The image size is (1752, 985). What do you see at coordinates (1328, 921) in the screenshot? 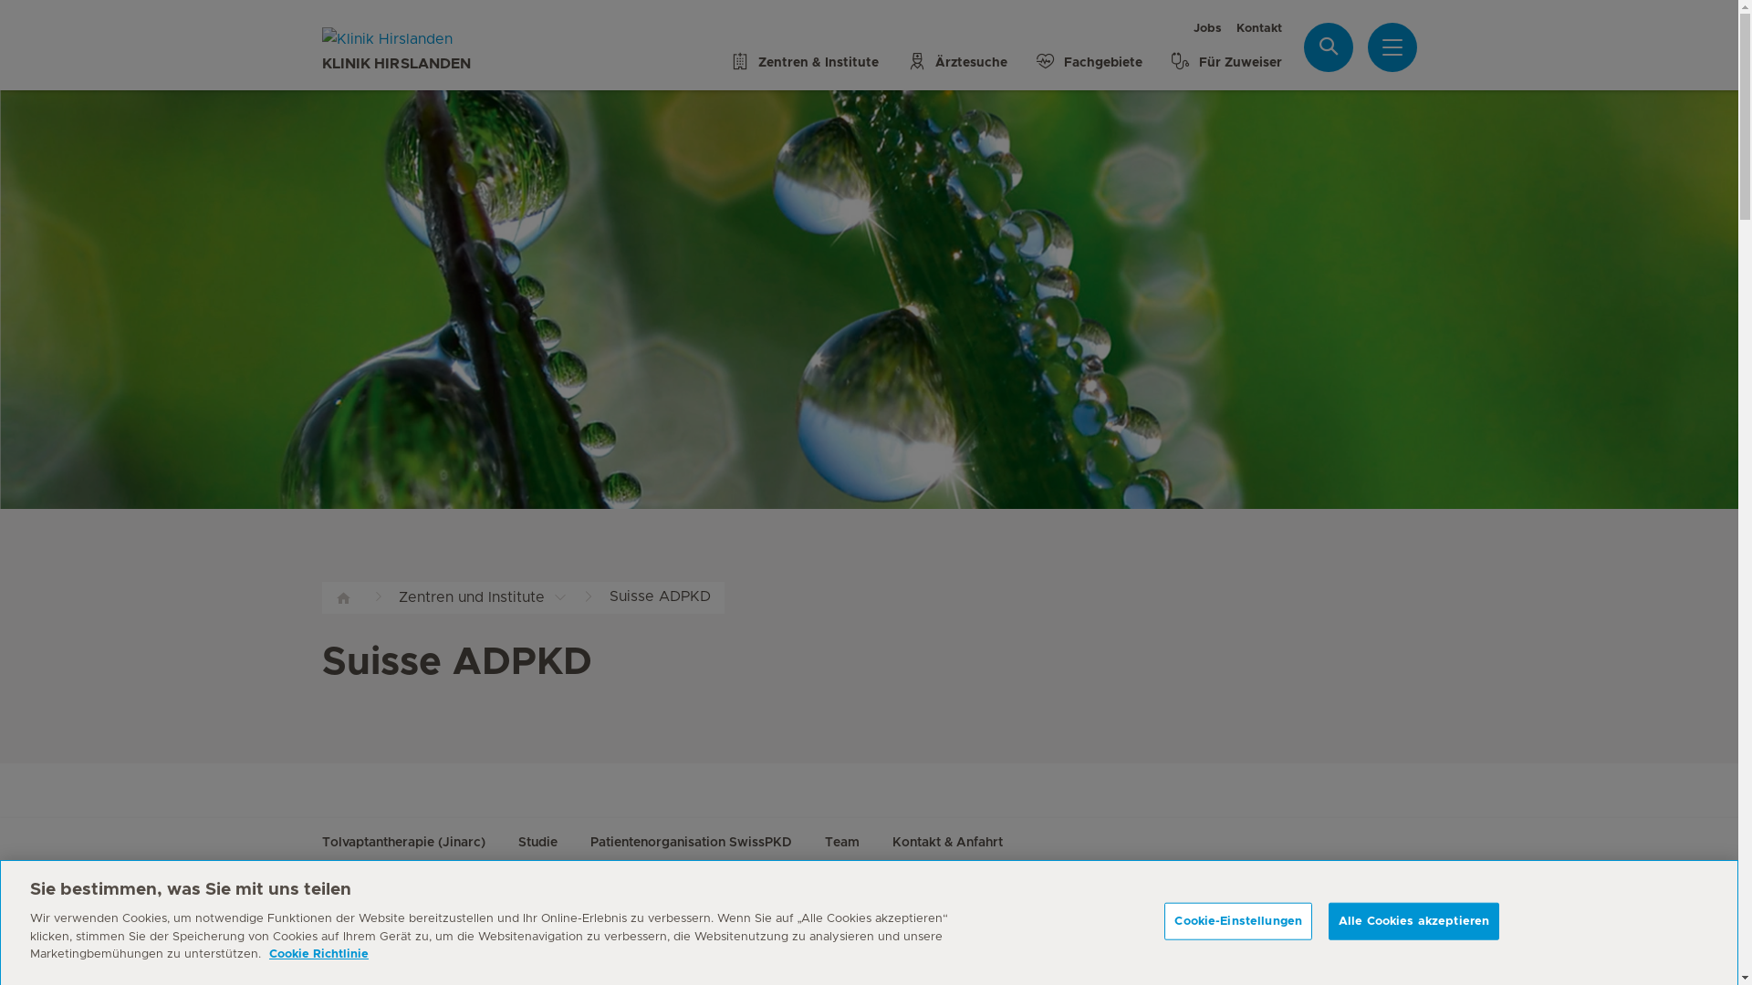
I see `'Alle Cookies akzeptieren'` at bounding box center [1328, 921].